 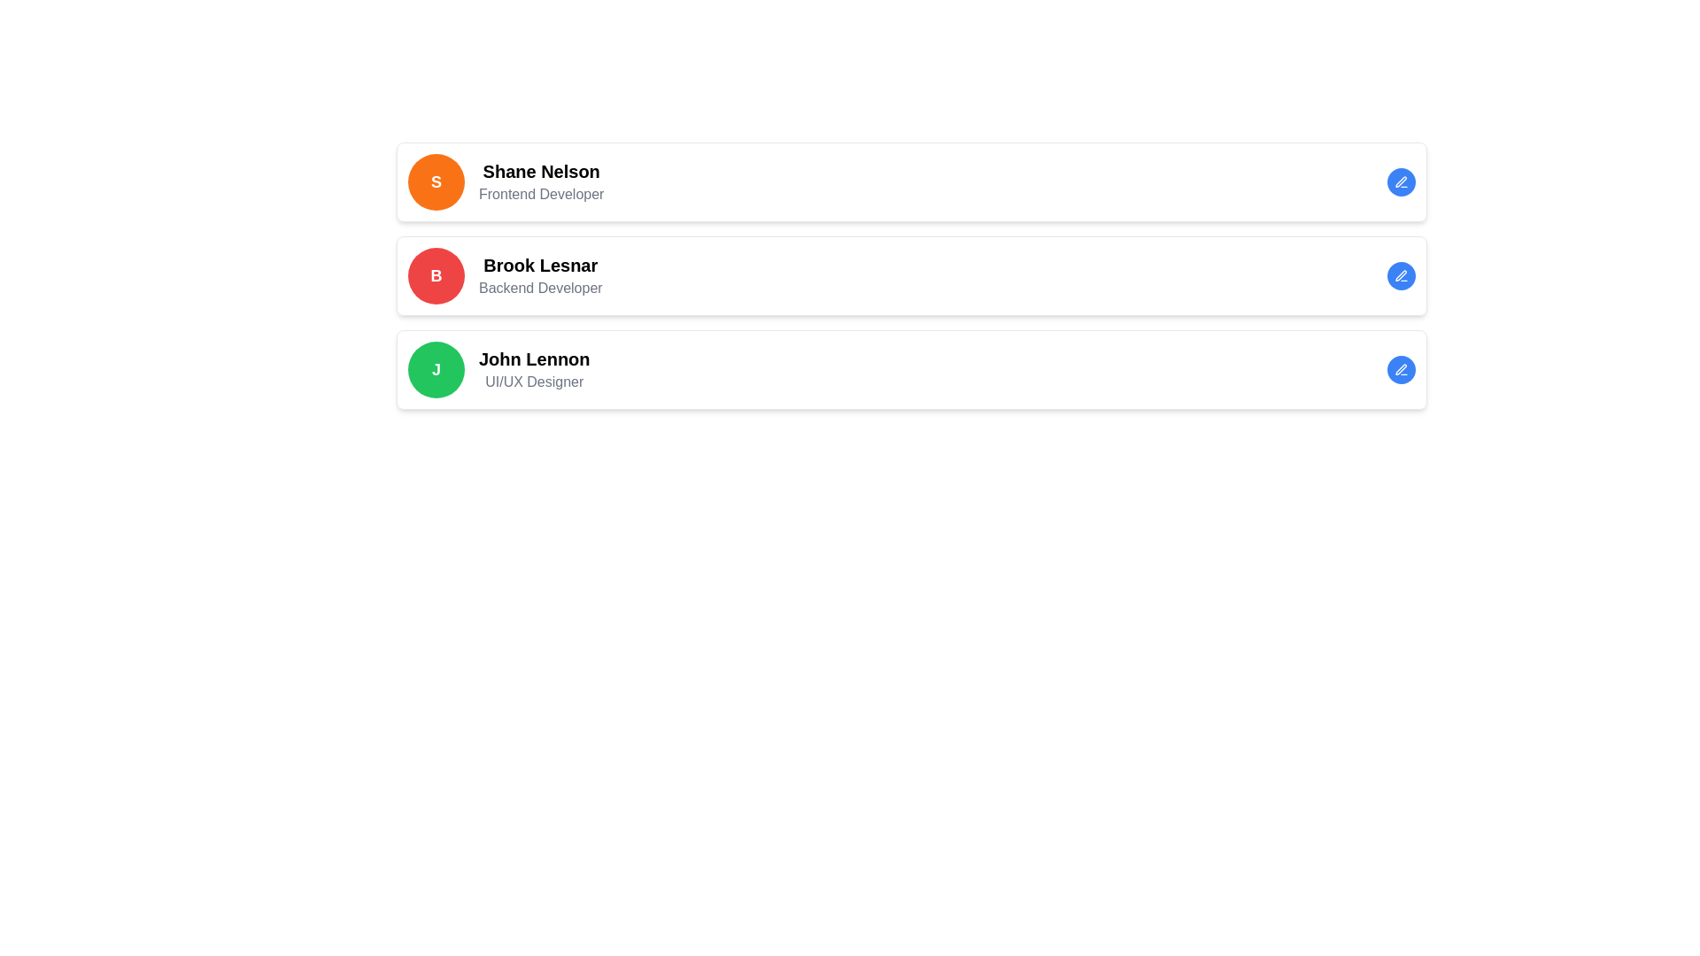 I want to click on user information displayed in the composite textual display element that combines a header (name) and subheader (role), located to the right of an orange circular icon labeled 'S' and above a blue circular button, so click(x=540, y=181).